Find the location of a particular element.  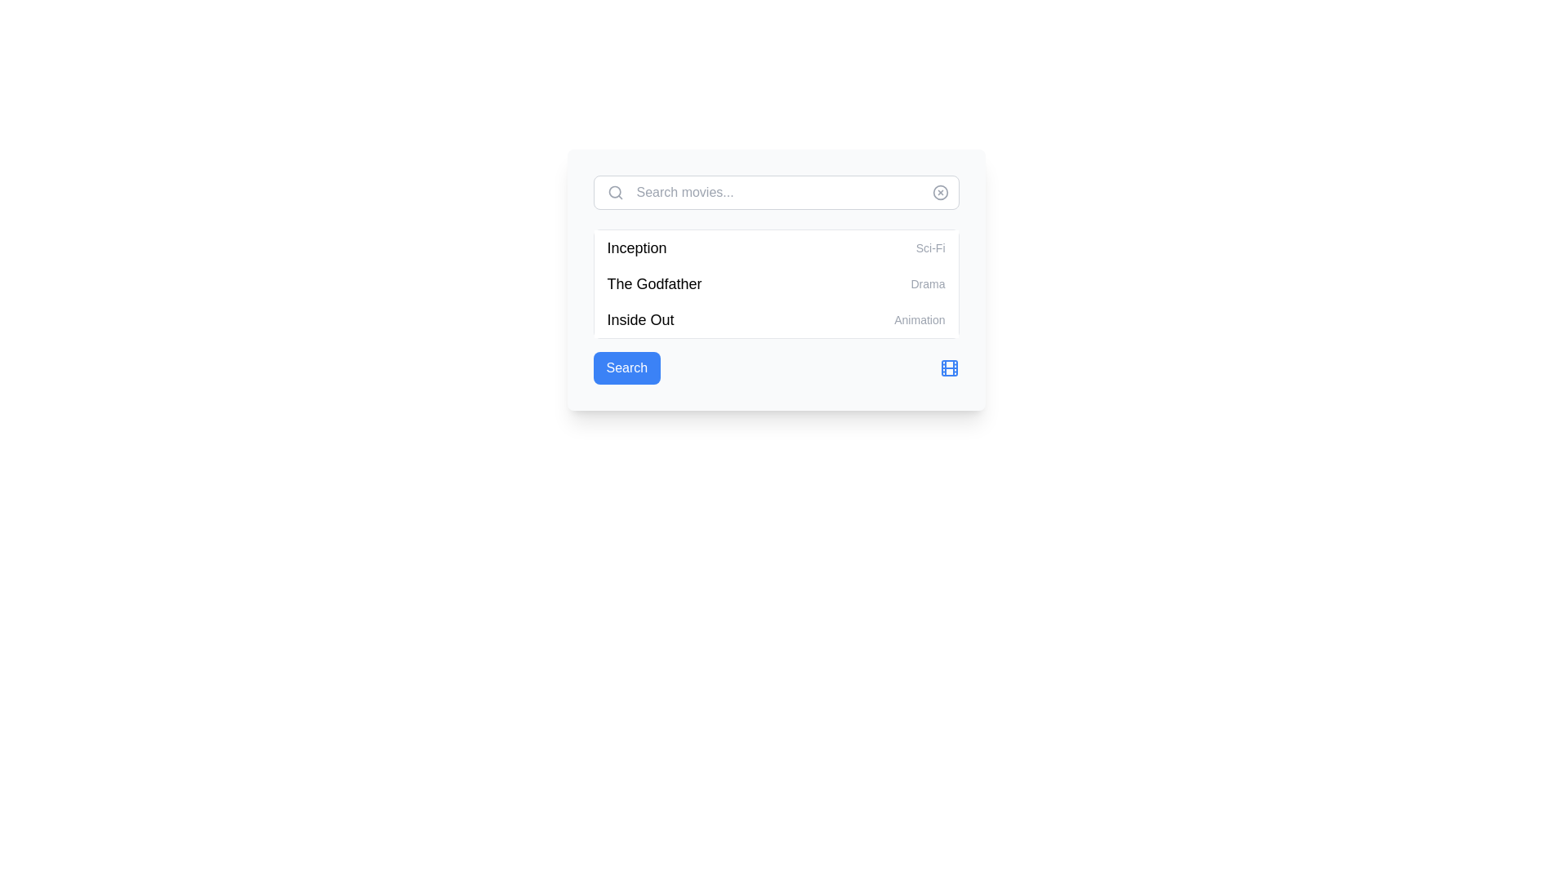

the text label displaying 'The Godfather' in bold styling, which is the second row in a list of movie titles, positioned to the left of the genre 'Drama' is located at coordinates (654, 283).